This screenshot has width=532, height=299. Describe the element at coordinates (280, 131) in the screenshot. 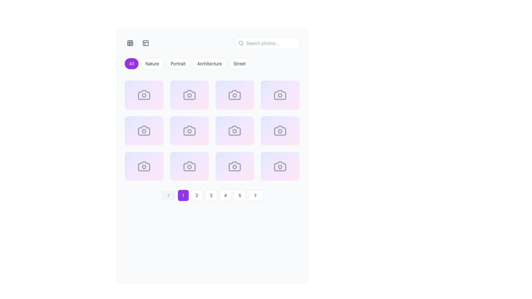

I see `the body of the camera icon, which is a rectangular shape with rounded corners, displayed in a gray outline style, to trigger a tooltip or visual feedback` at that location.